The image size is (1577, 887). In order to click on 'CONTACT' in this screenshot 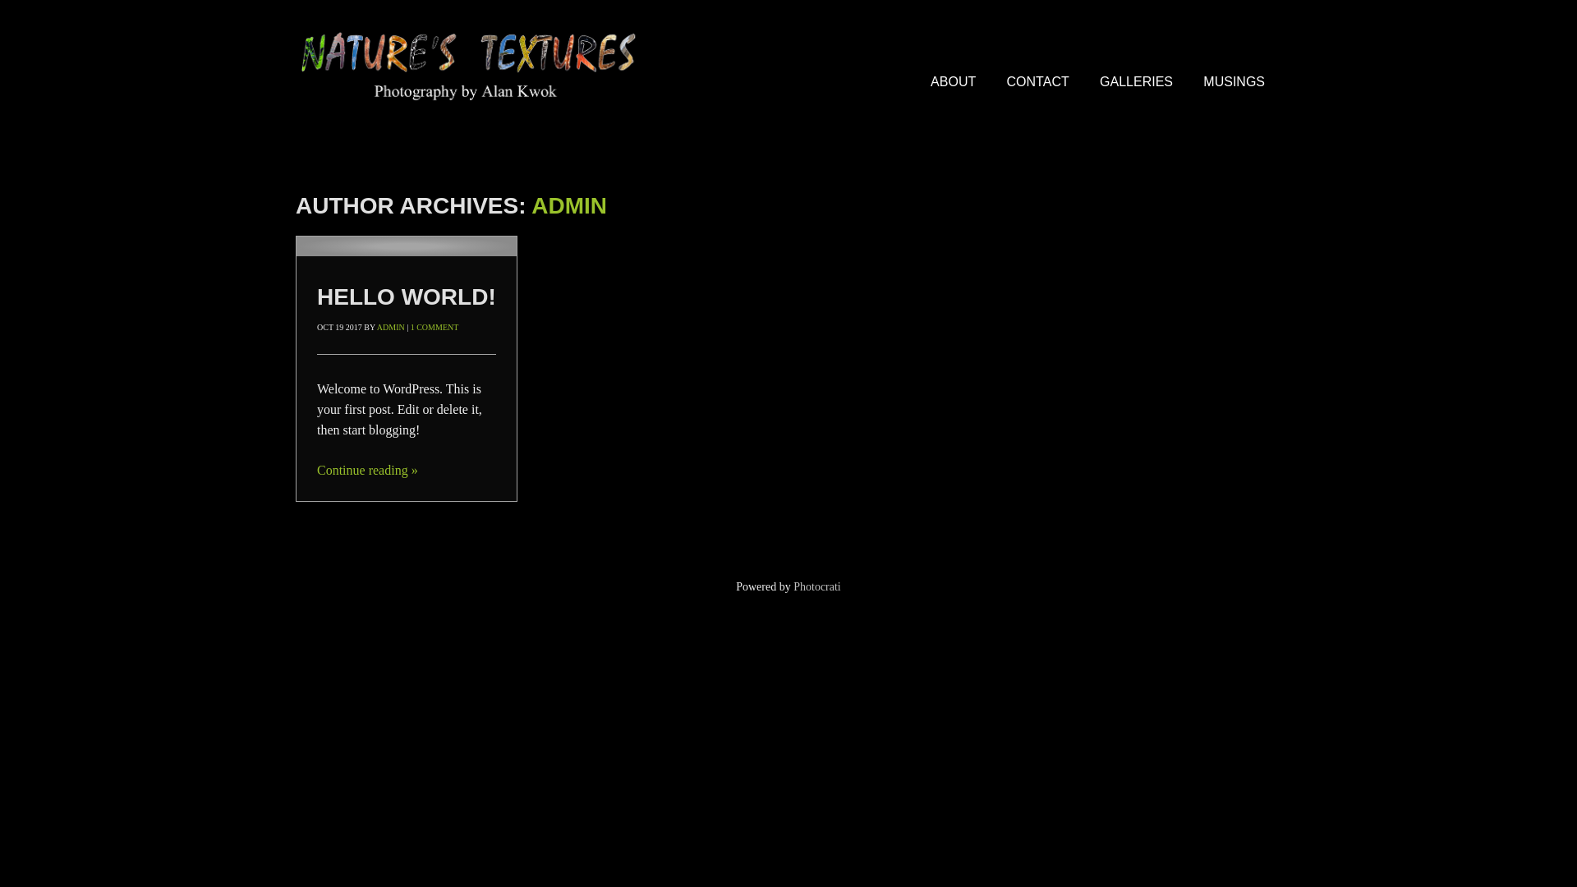, I will do `click(1037, 82)`.